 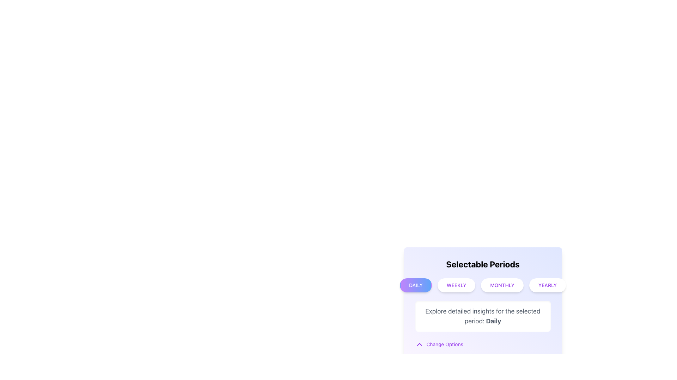 What do you see at coordinates (416, 285) in the screenshot?
I see `the first button in the 'Selectable Periods' section that switches the display` at bounding box center [416, 285].